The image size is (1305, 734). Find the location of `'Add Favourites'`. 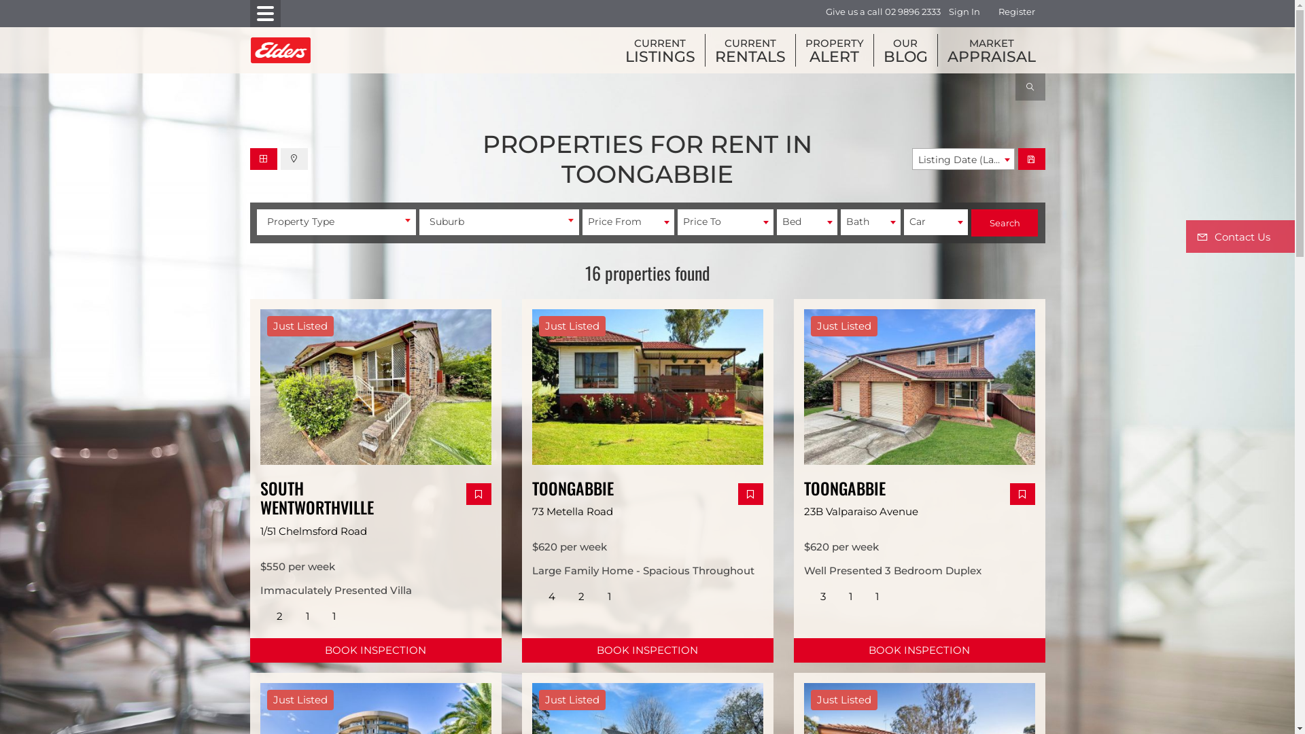

'Add Favourites' is located at coordinates (1010, 493).